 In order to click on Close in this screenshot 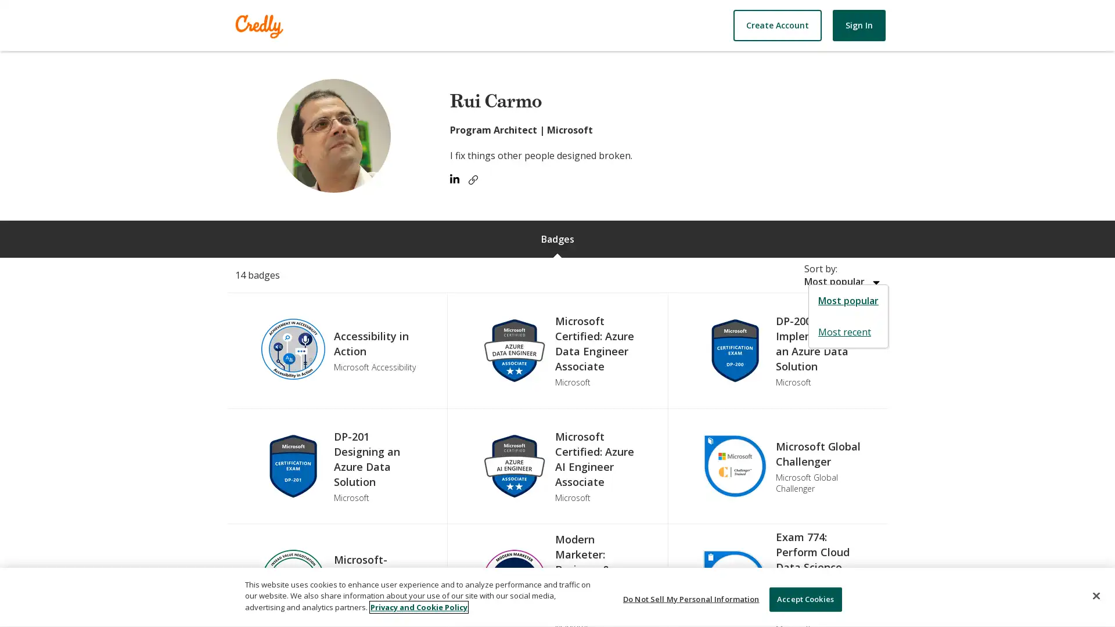, I will do `click(1095, 596)`.